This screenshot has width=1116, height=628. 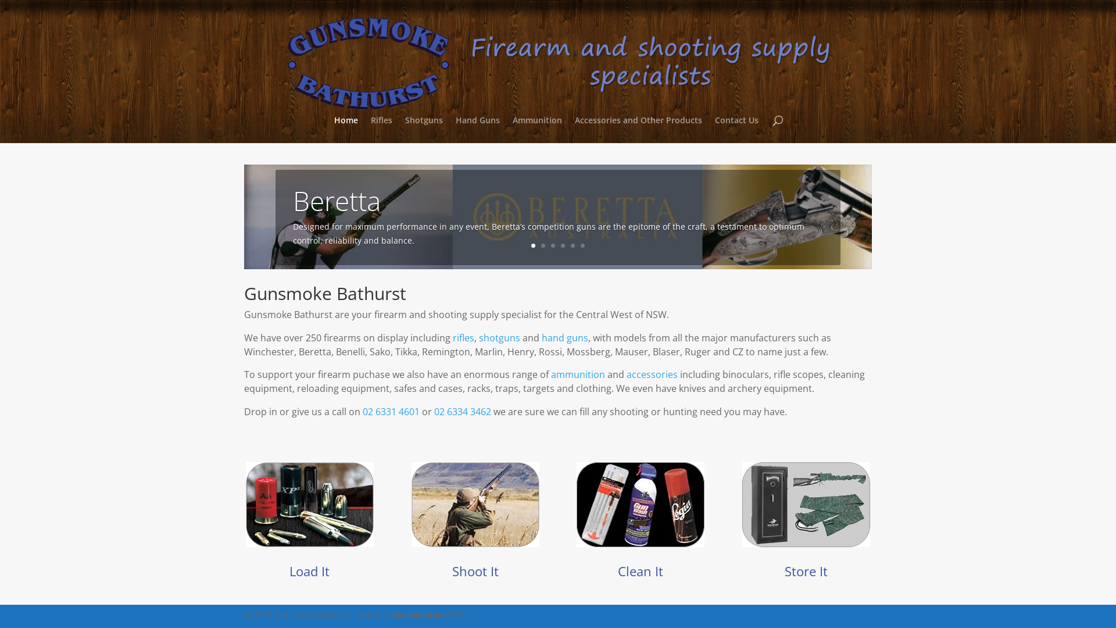 What do you see at coordinates (563, 245) in the screenshot?
I see `'4'` at bounding box center [563, 245].